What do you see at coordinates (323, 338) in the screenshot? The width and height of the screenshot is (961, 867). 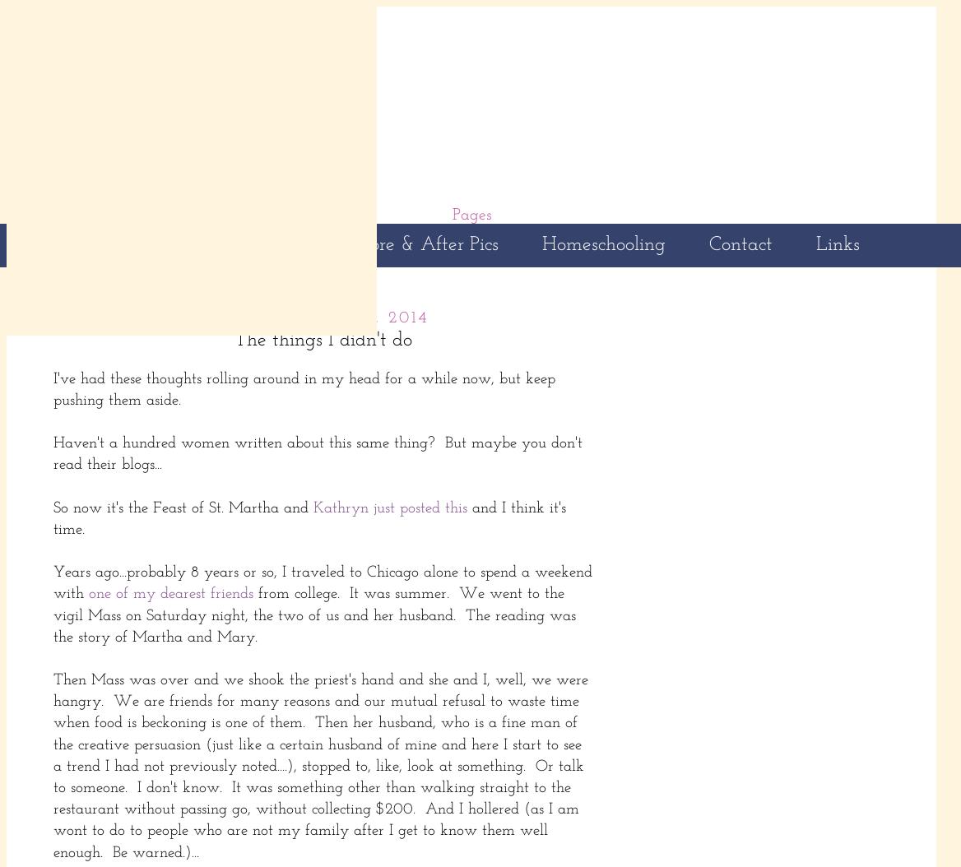 I see `'The things I didn't do'` at bounding box center [323, 338].